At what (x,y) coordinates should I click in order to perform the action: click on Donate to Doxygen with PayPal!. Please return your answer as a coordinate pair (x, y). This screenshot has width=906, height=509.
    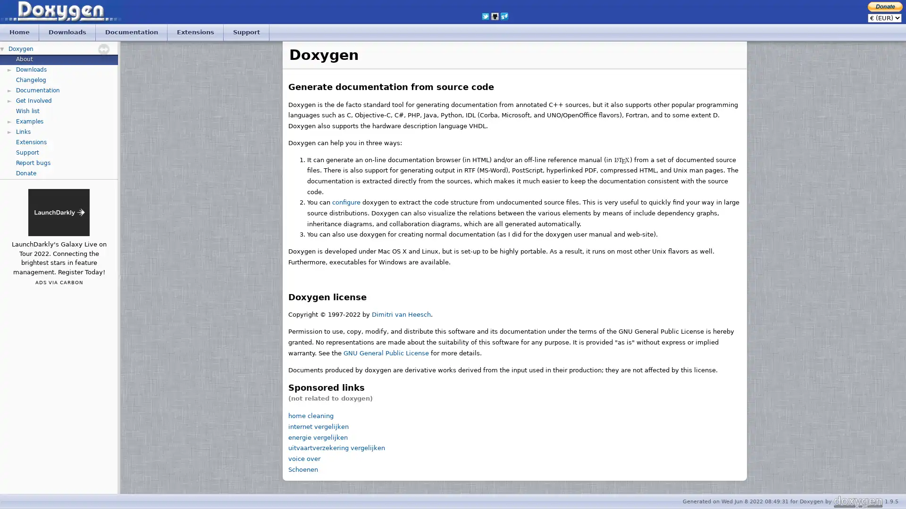
    Looking at the image, I should click on (885, 6).